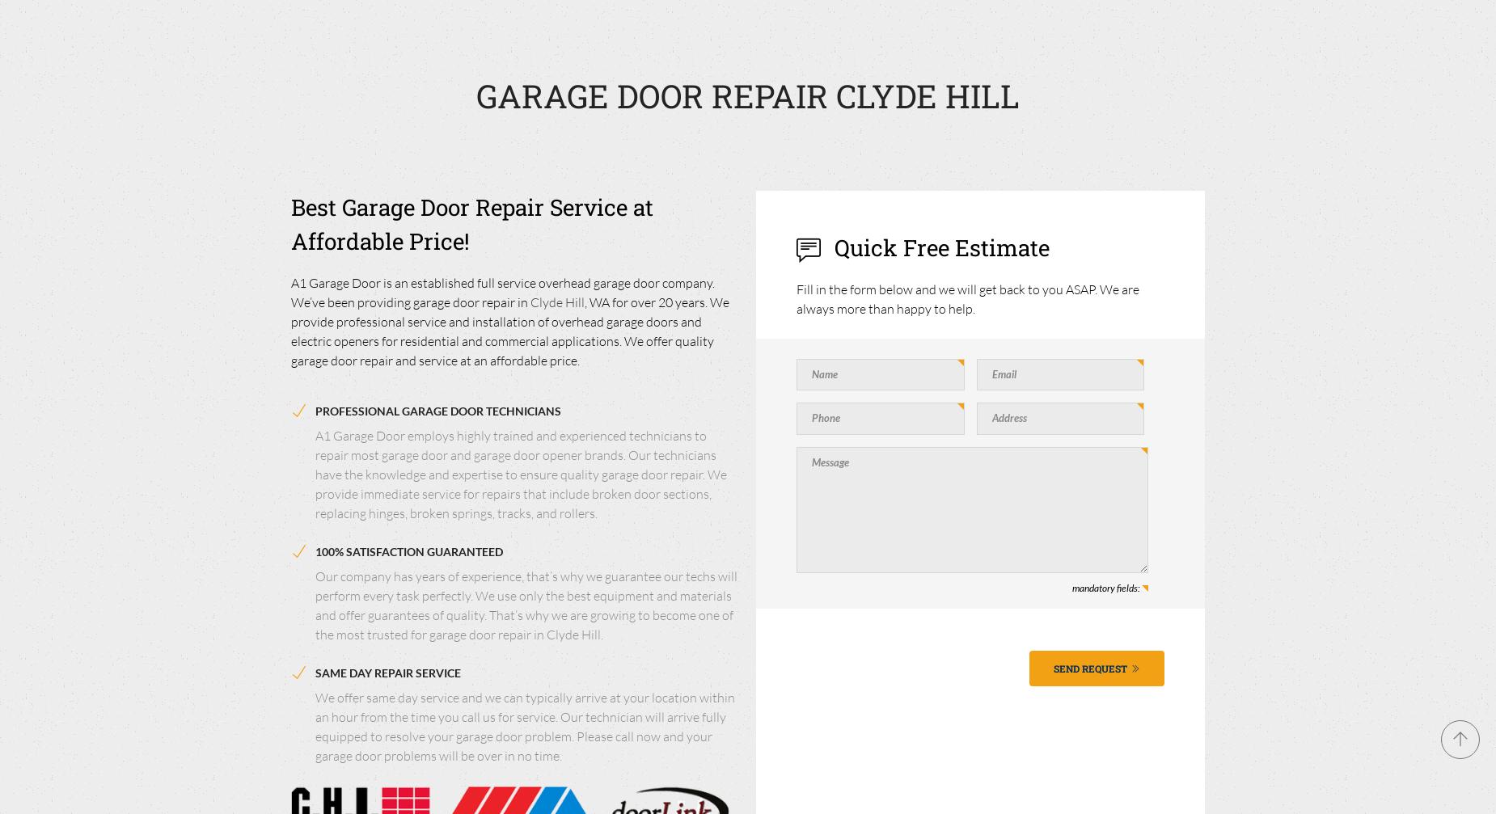  What do you see at coordinates (1052, 667) in the screenshot?
I see `'SEND REQUEST'` at bounding box center [1052, 667].